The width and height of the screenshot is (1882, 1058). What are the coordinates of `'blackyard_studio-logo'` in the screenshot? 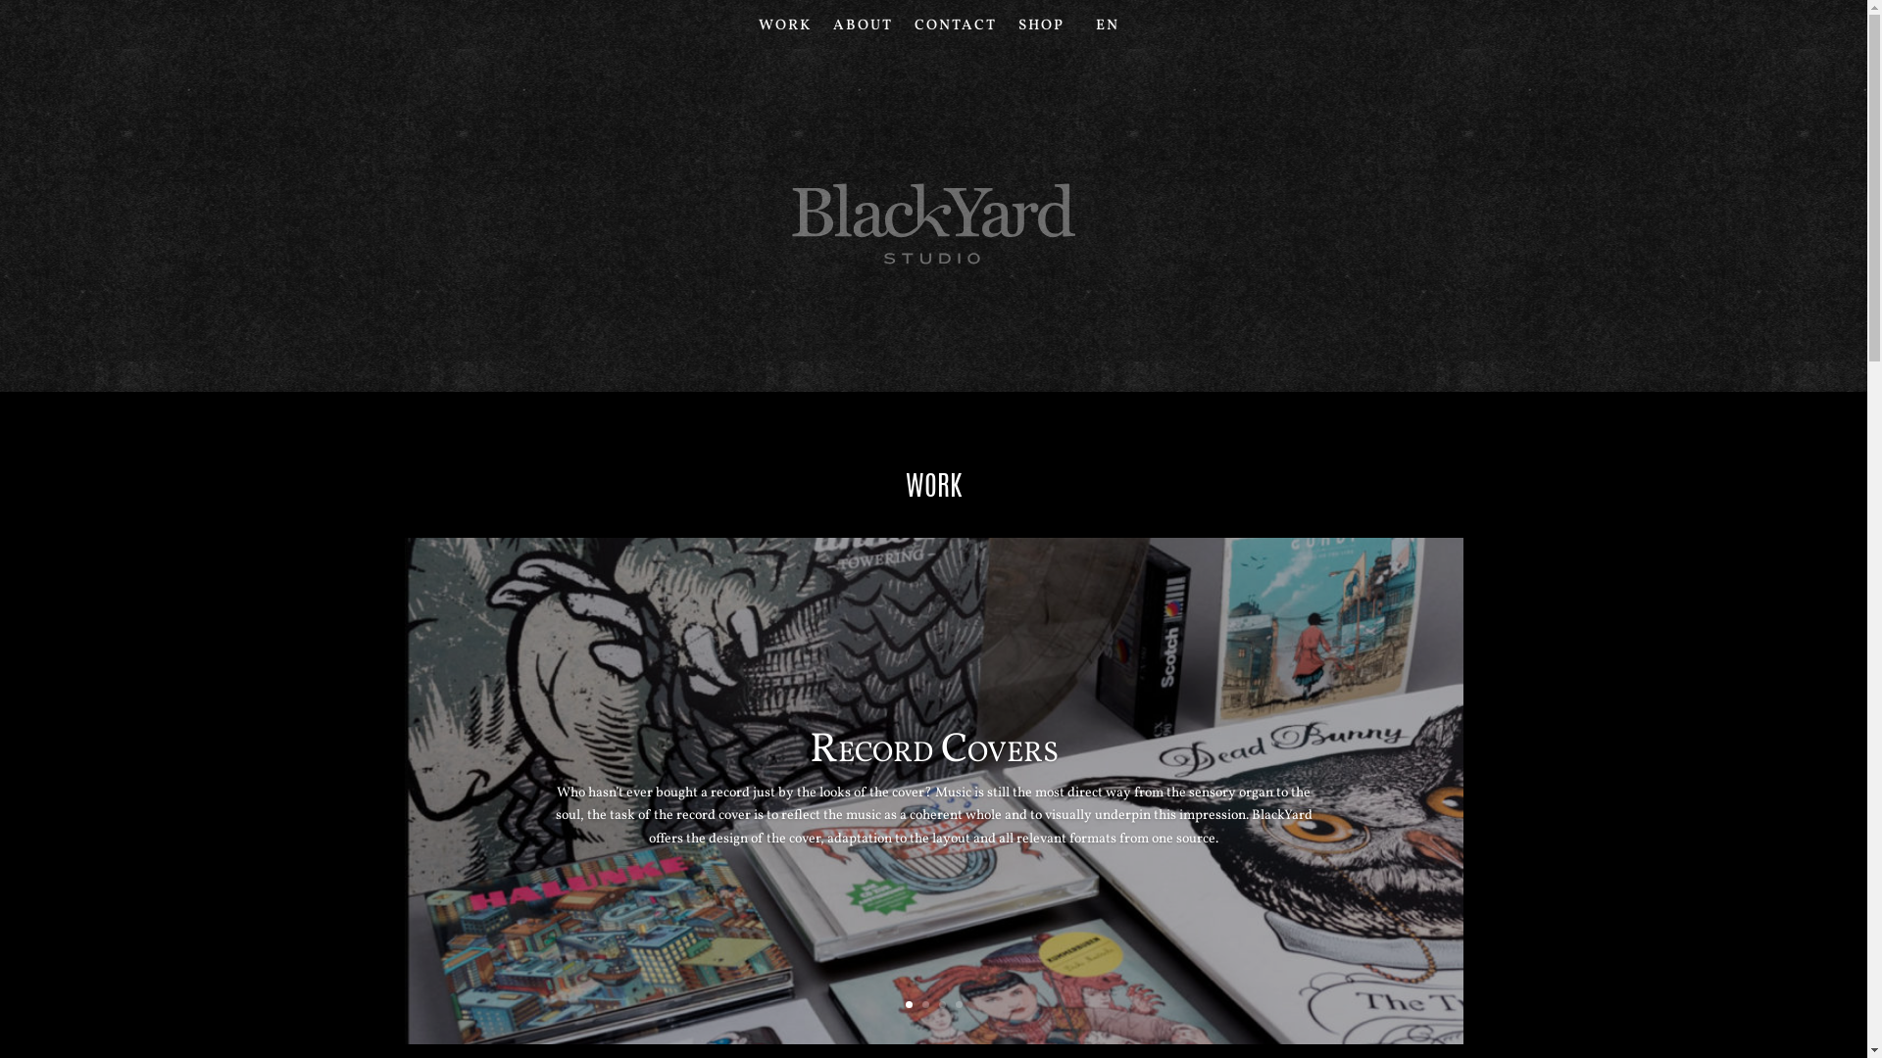 It's located at (932, 222).